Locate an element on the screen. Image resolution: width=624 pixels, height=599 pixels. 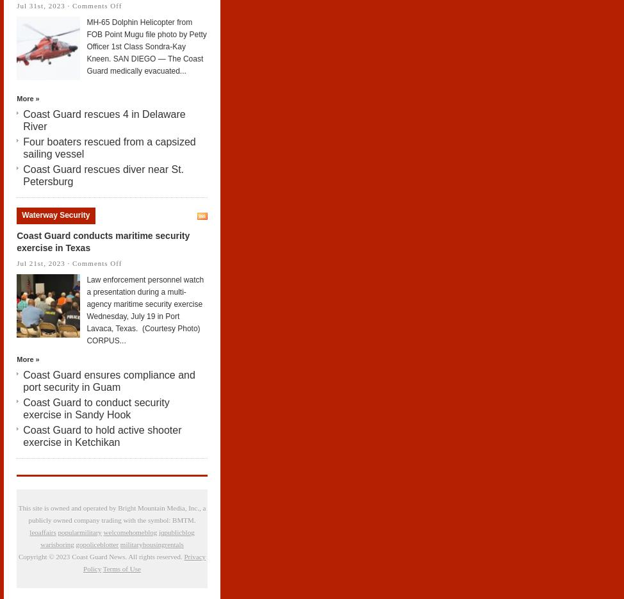
'Coast Guard ensures compliance and port security in Guam' is located at coordinates (108, 381).